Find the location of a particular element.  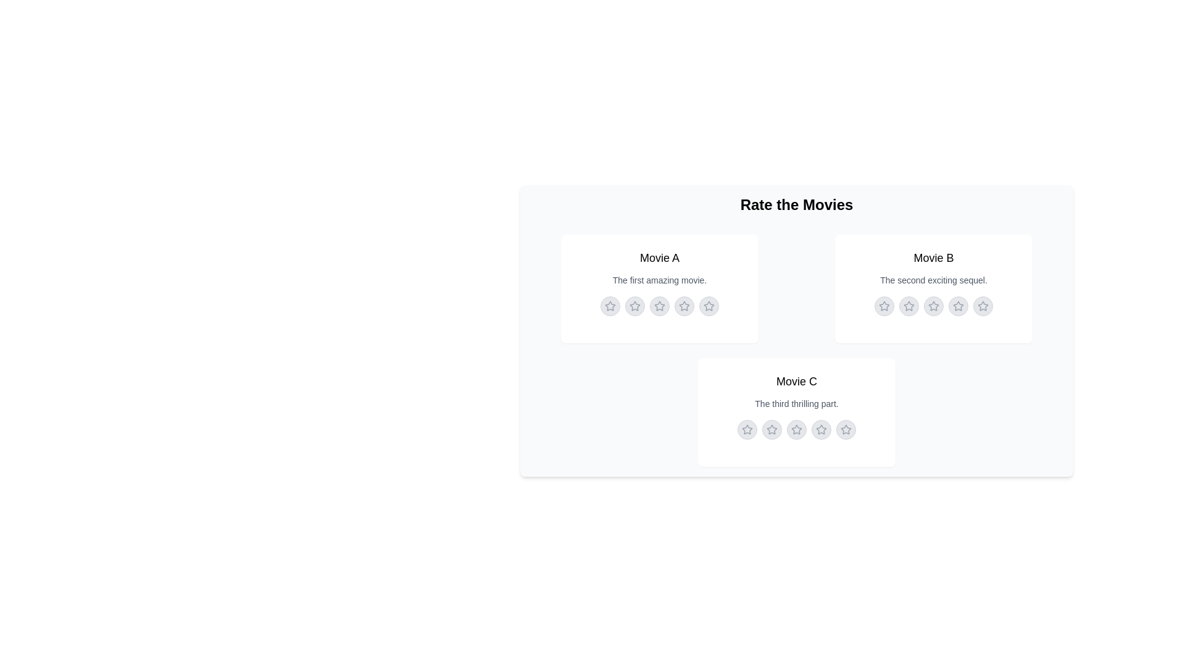

the text snippet displaying 'The first amazing movie.' which is positioned below the title 'Movie A' and above the rating component is located at coordinates (659, 280).